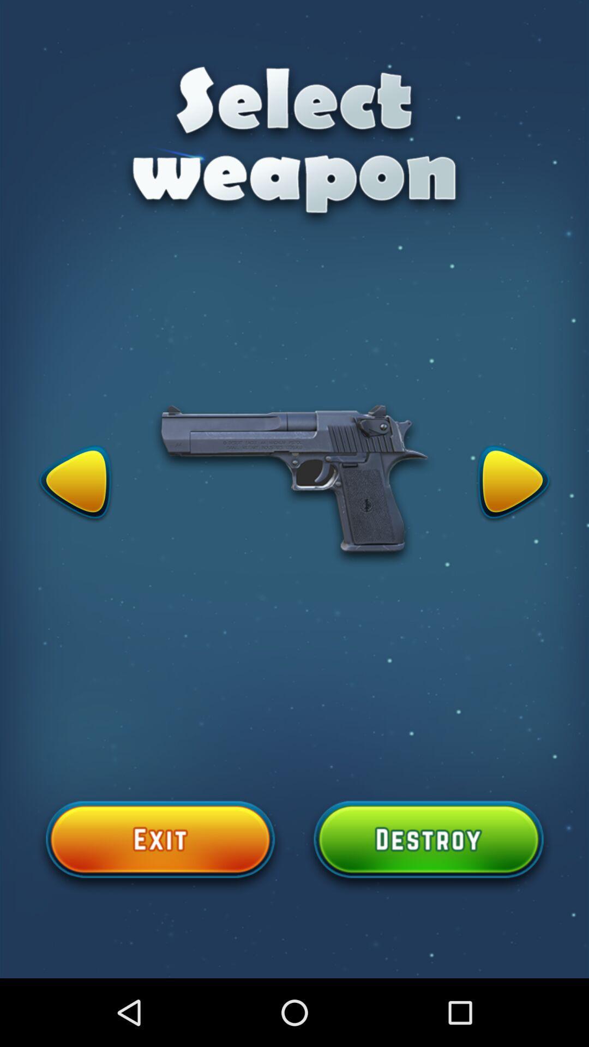  Describe the element at coordinates (75, 484) in the screenshot. I see `change the seletected element` at that location.